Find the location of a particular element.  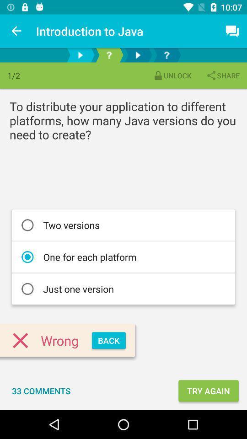

the help icon is located at coordinates (109, 55).